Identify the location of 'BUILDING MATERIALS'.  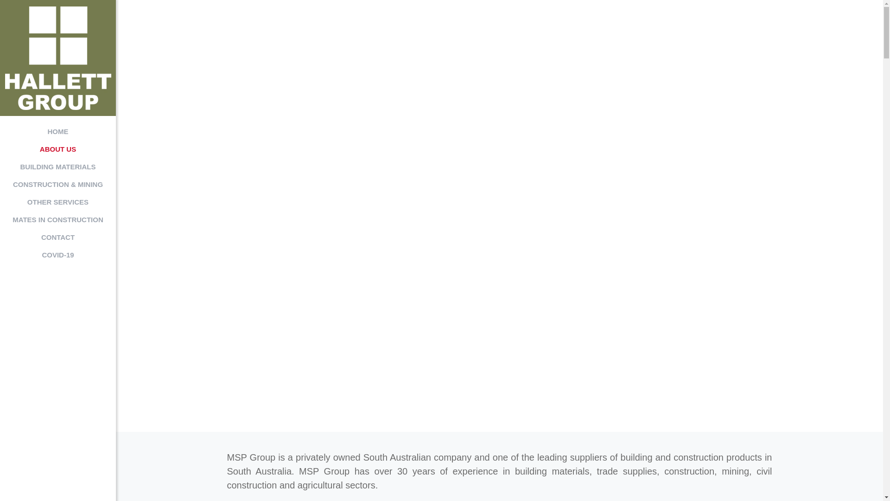
(0, 166).